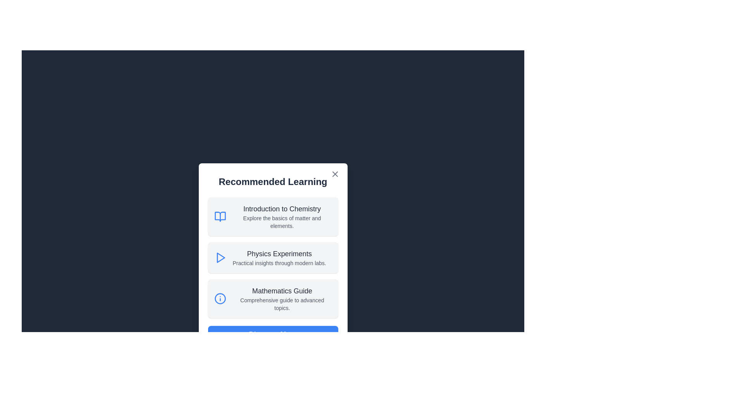 This screenshot has width=744, height=418. I want to click on the icon representing the 'Introduction to Chemistry' card located in the 'Recommended Learning' section, so click(219, 216).